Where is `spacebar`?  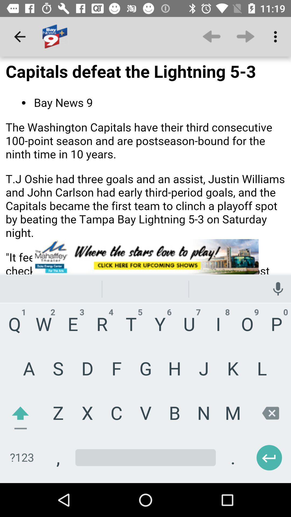
spacebar is located at coordinates (145, 465).